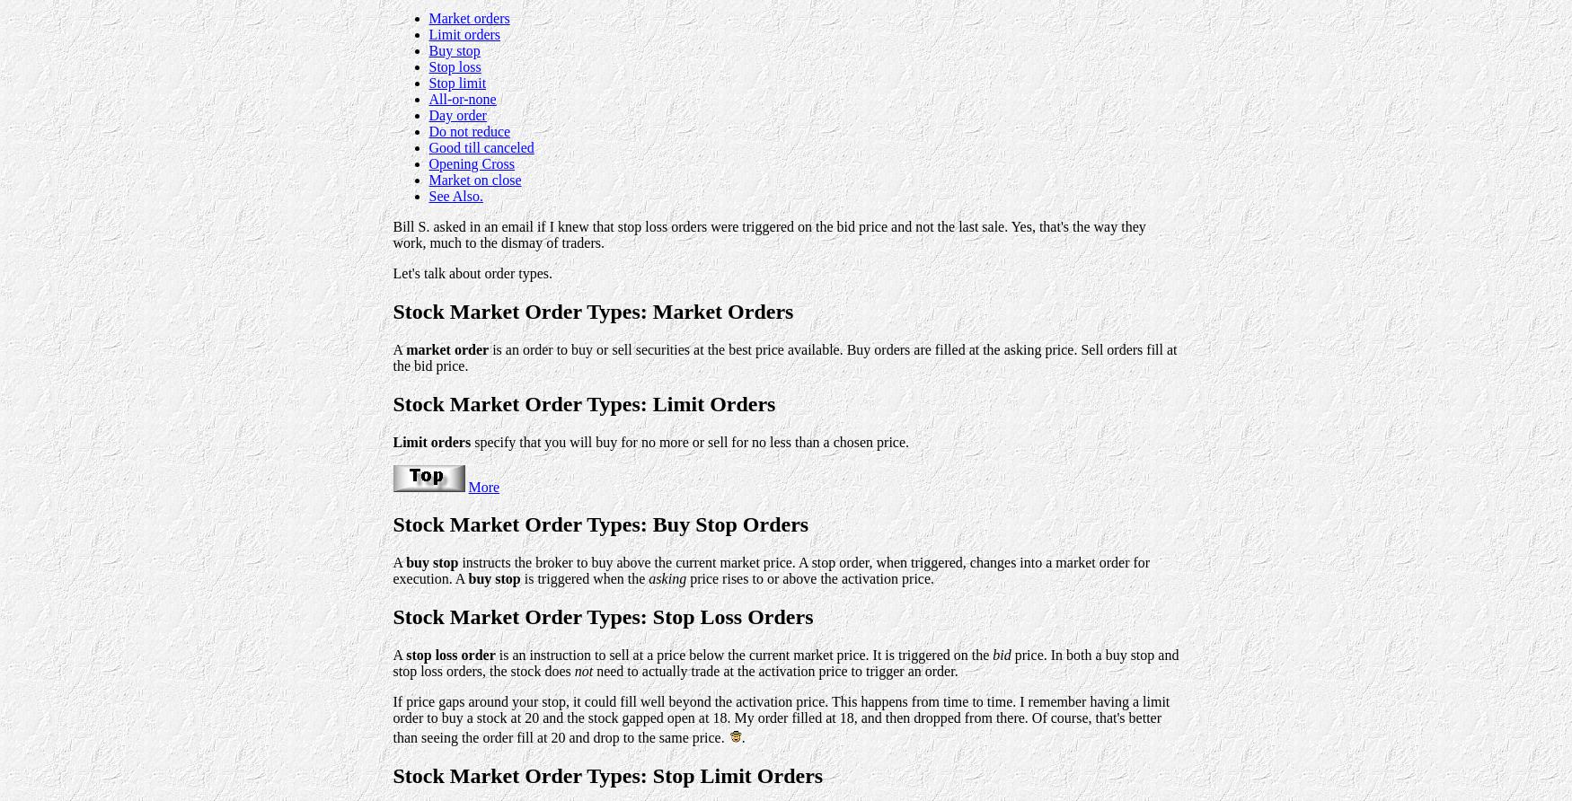 This screenshot has height=801, width=1572. Describe the element at coordinates (606, 774) in the screenshot. I see `'Stock Market Order Types: Stop Limit Orders'` at that location.